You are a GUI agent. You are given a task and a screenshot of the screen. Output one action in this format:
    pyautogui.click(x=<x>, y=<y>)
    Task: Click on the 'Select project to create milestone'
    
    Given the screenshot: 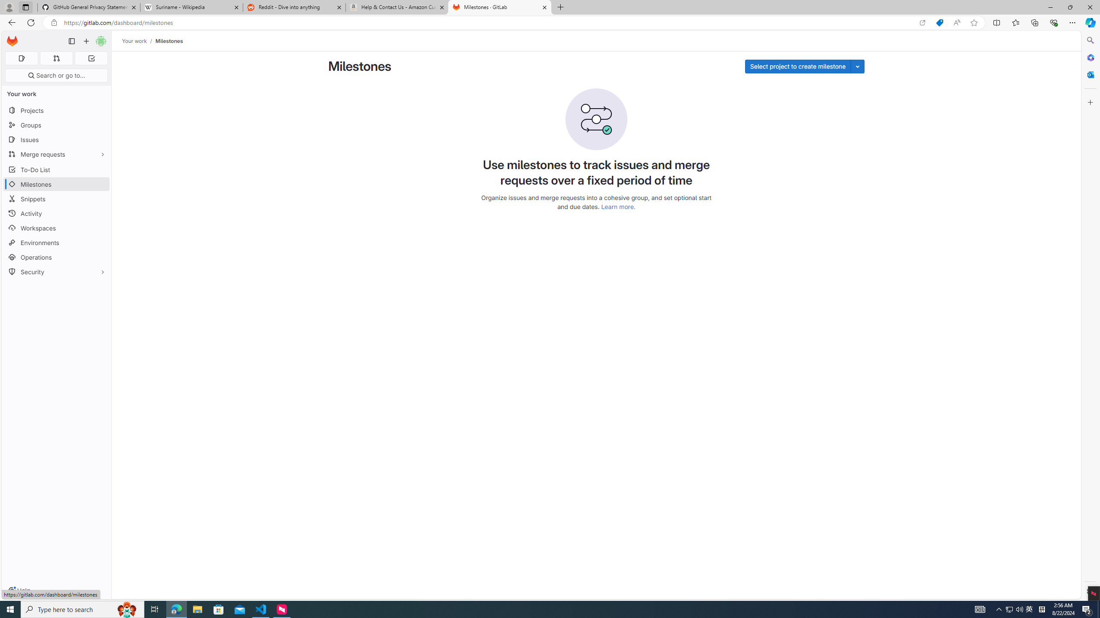 What is the action you would take?
    pyautogui.click(x=797, y=66)
    